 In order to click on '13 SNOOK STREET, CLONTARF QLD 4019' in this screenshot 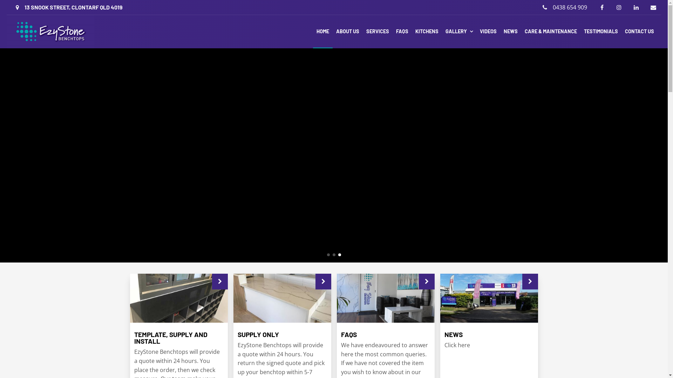, I will do `click(69, 7)`.